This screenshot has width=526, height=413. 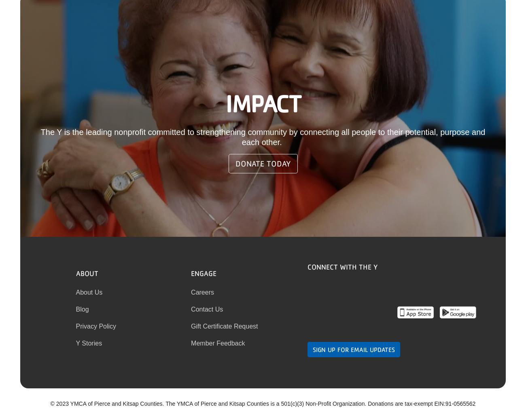 What do you see at coordinates (353, 349) in the screenshot?
I see `'Sign up for email updates'` at bounding box center [353, 349].